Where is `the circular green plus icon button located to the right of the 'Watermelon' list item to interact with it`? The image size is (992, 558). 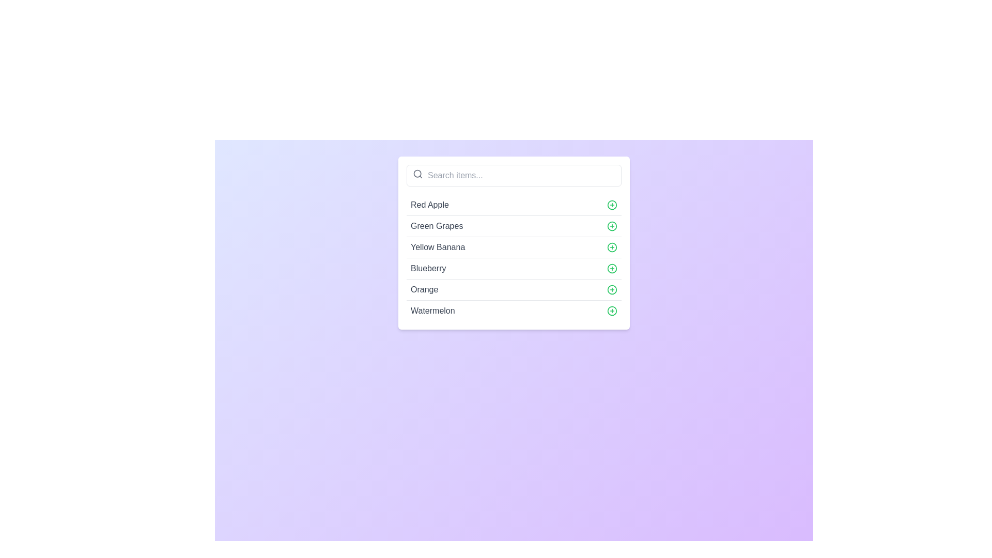
the circular green plus icon button located to the right of the 'Watermelon' list item to interact with it is located at coordinates (612, 310).